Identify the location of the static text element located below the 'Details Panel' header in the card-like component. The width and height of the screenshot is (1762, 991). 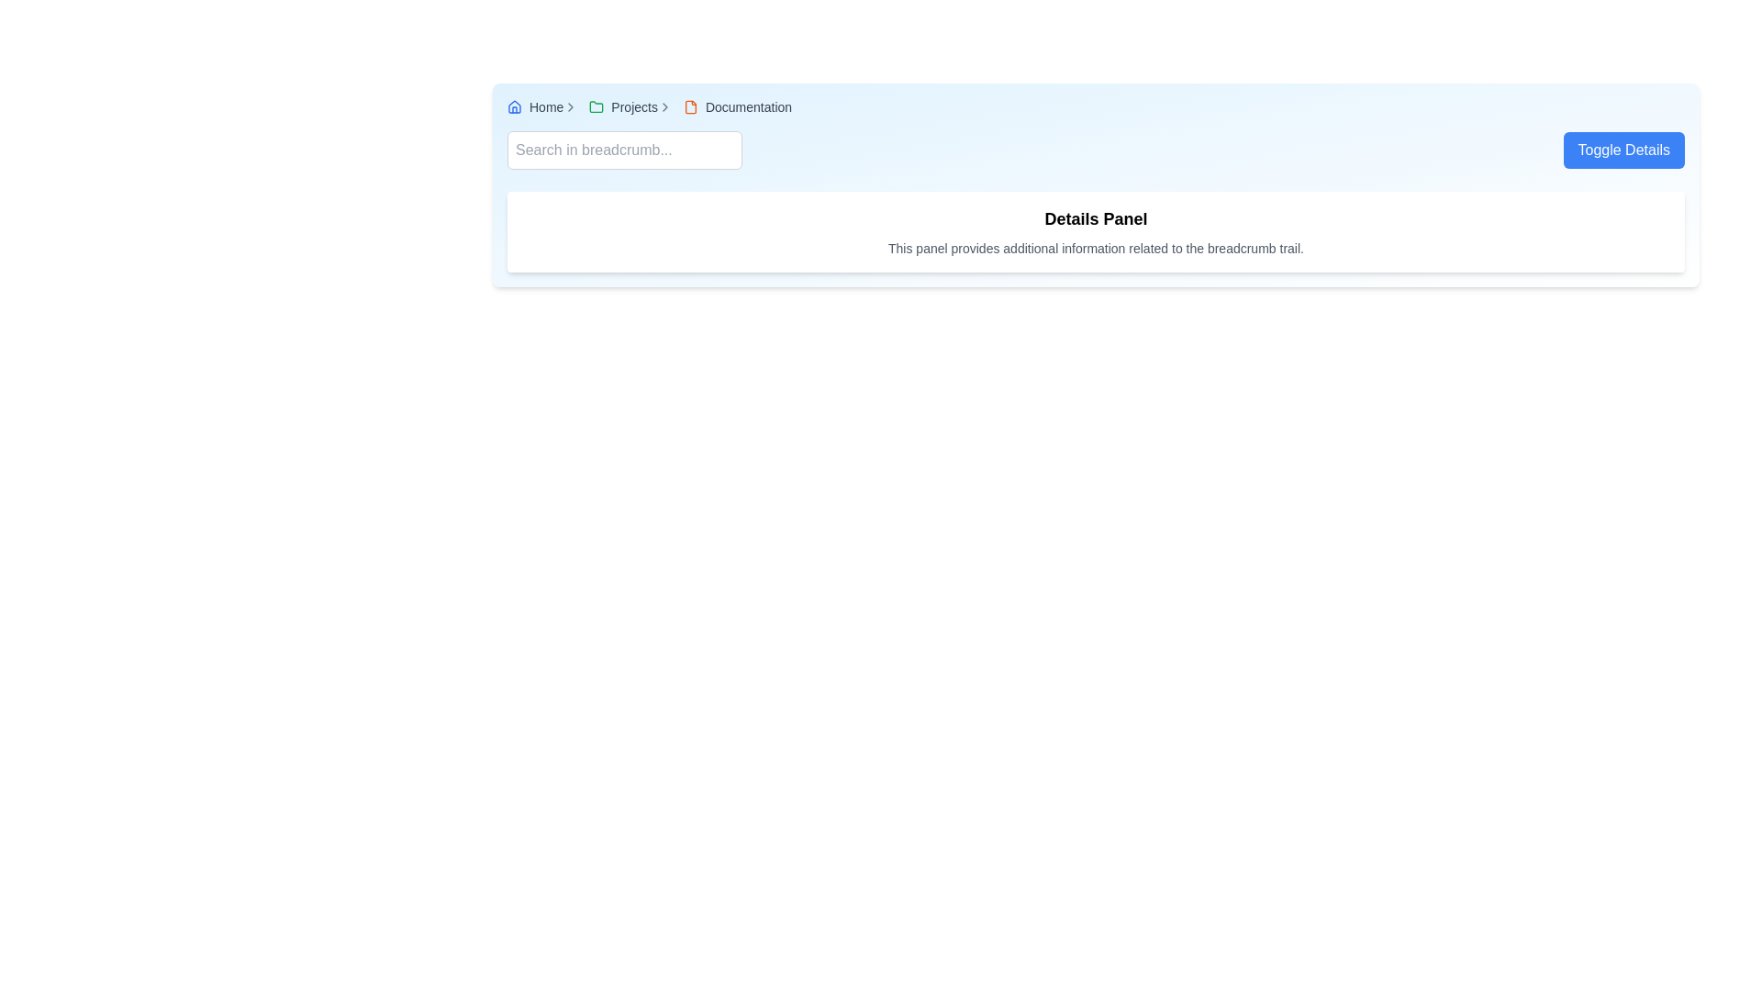
(1096, 248).